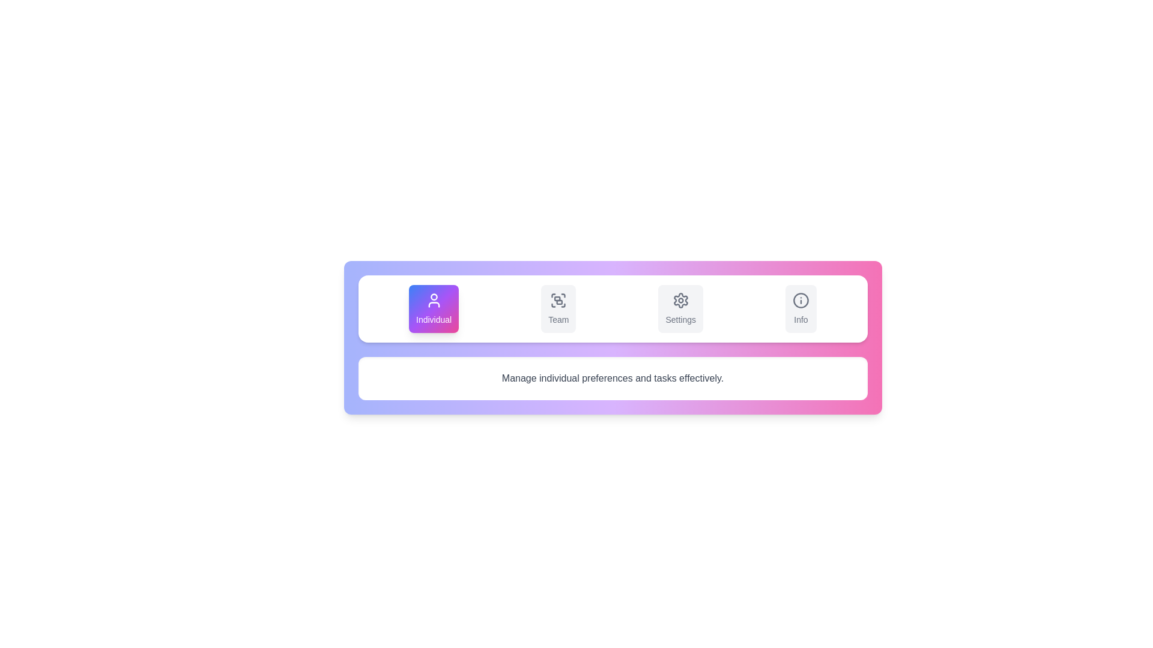 This screenshot has width=1153, height=648. Describe the element at coordinates (433, 300) in the screenshot. I see `the user icon located on the button labeled 'Individual', which is centered within the button at the coordinates provided` at that location.